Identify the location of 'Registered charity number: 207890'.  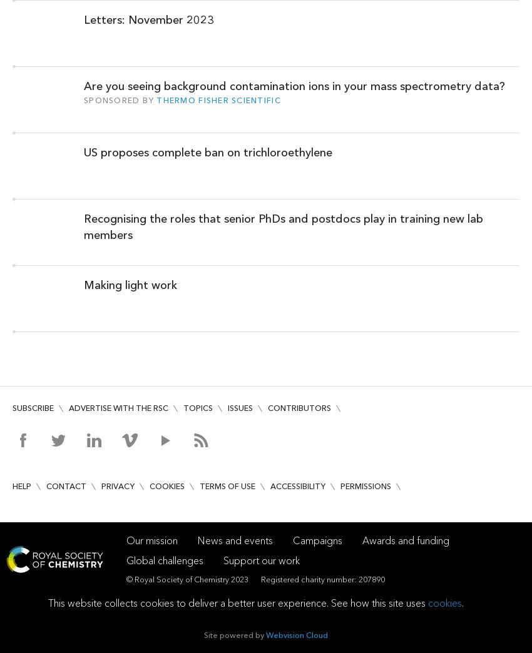
(322, 579).